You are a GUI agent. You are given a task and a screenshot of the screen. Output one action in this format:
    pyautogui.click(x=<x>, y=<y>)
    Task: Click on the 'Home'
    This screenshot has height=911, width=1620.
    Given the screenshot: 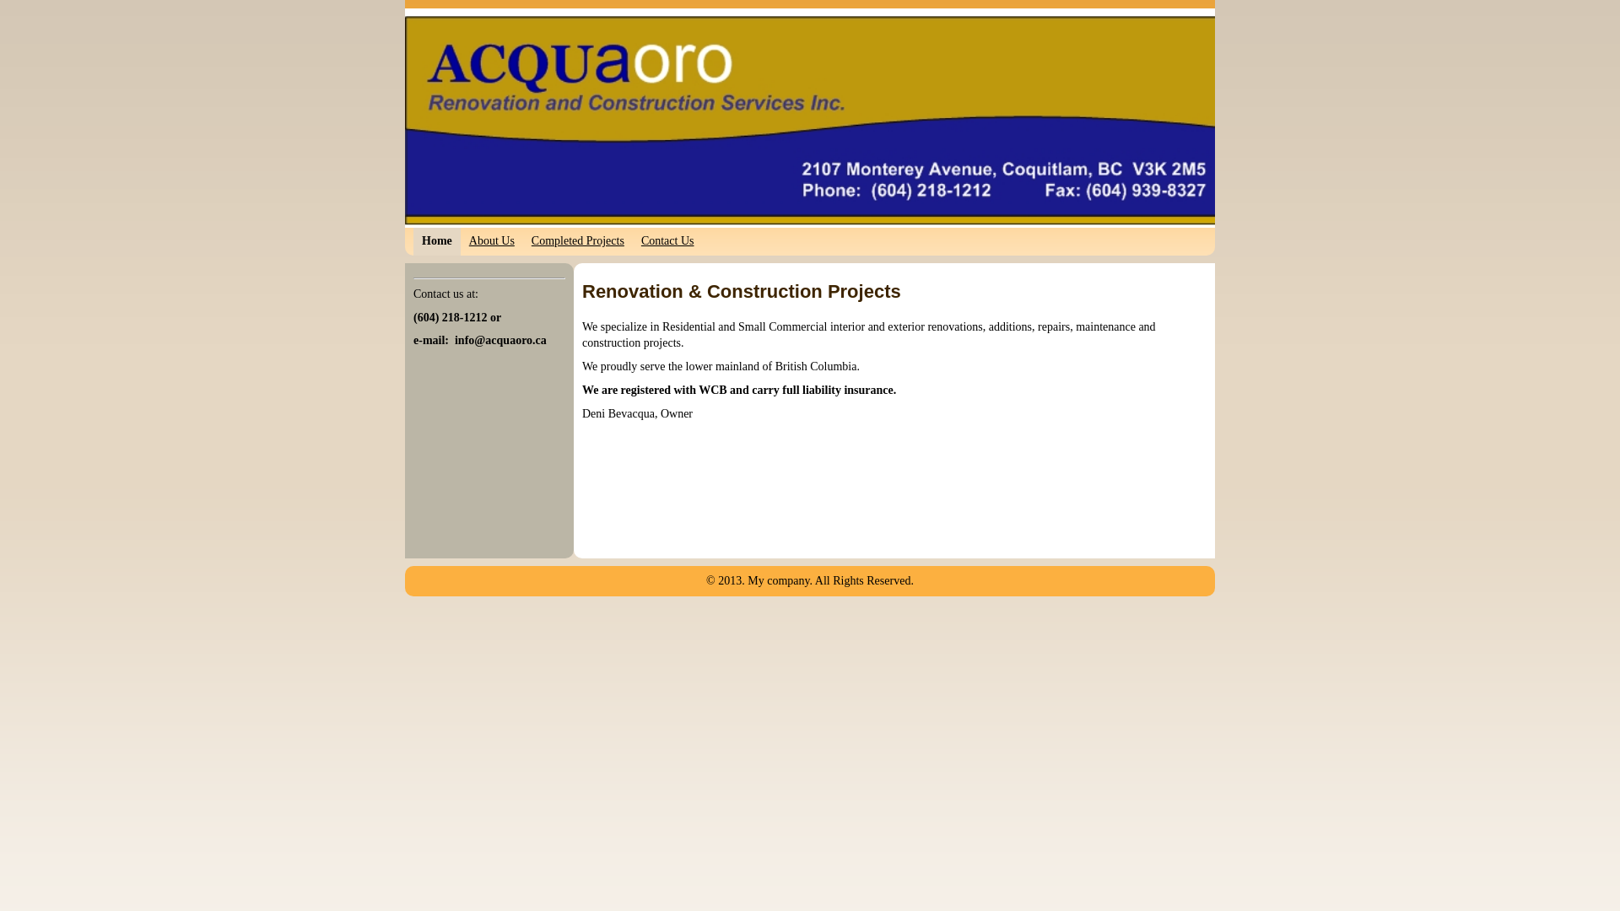 What is the action you would take?
    pyautogui.click(x=437, y=241)
    